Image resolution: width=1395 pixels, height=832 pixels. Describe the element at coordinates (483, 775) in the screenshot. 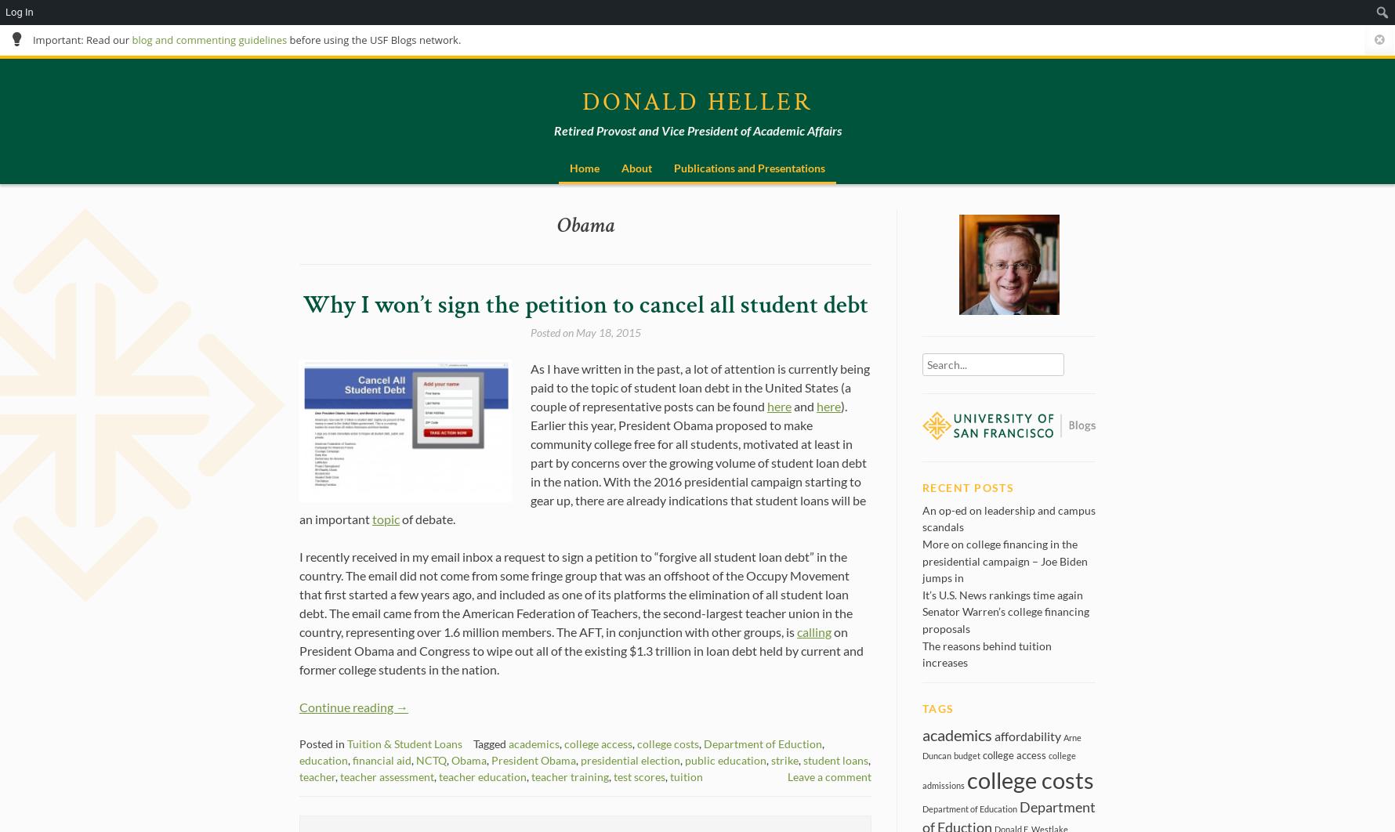

I see `'teacher education'` at that location.